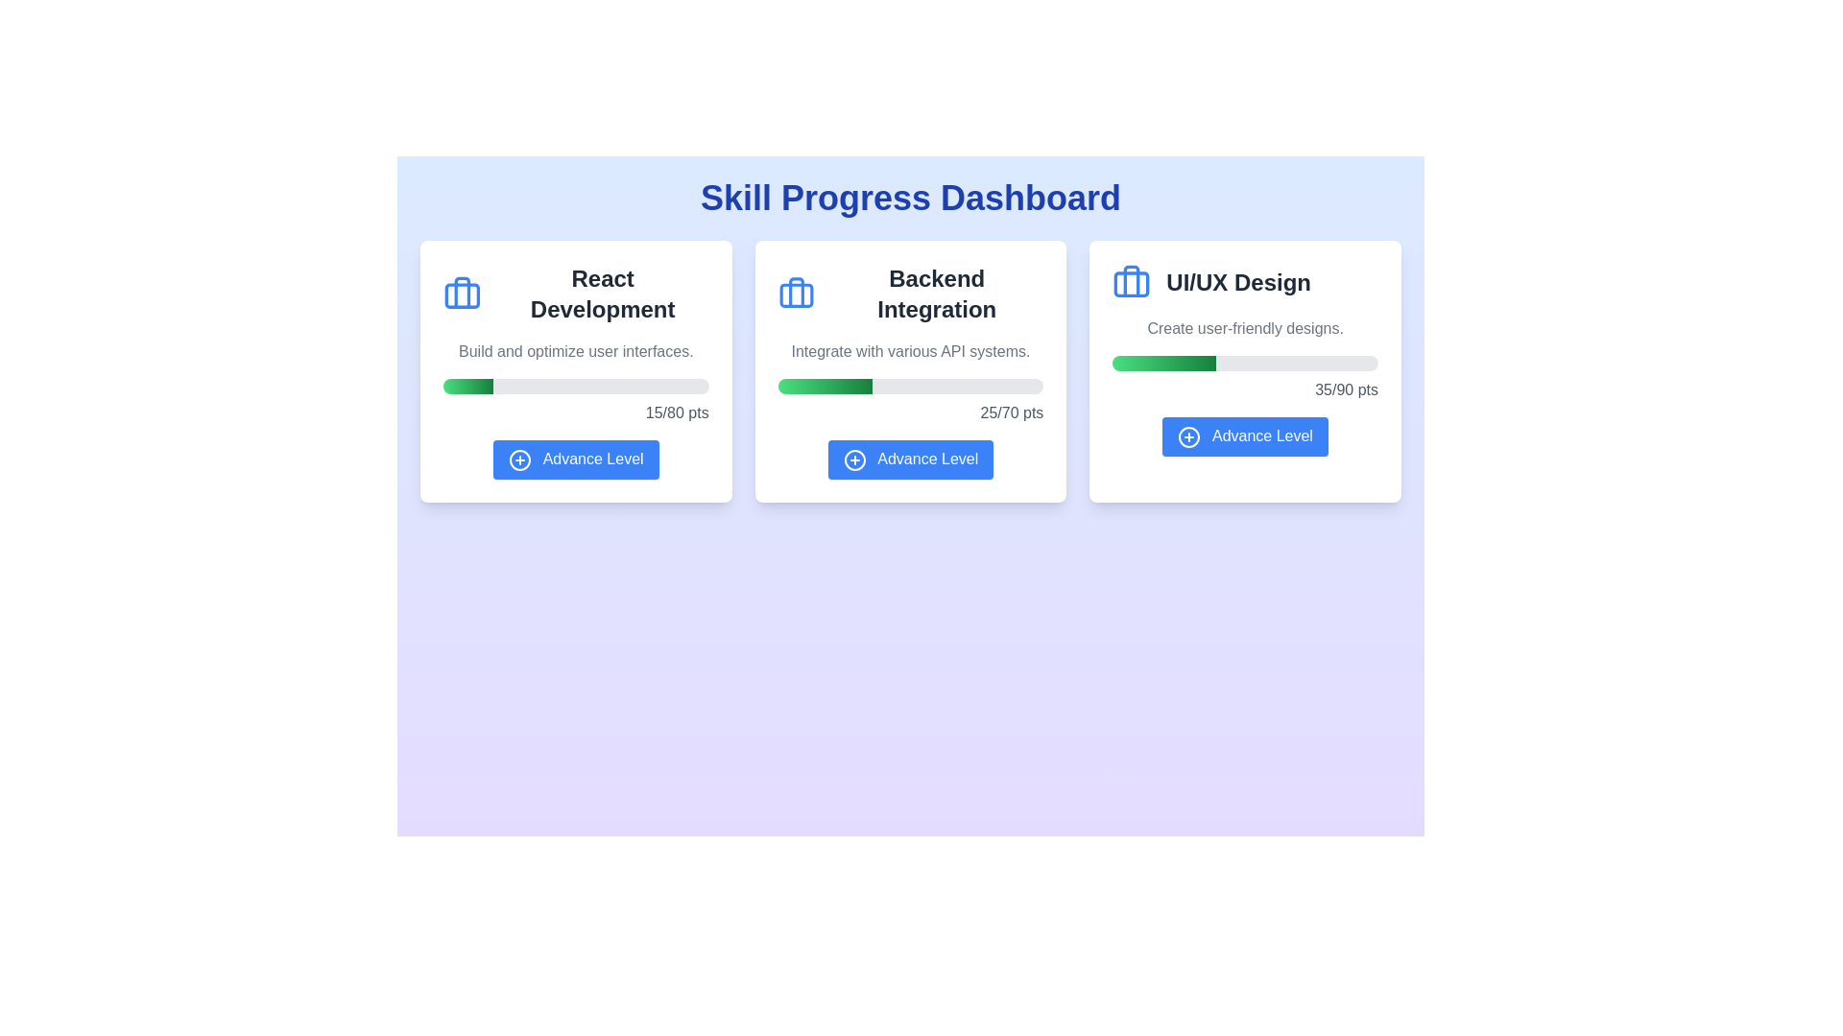 Image resolution: width=1843 pixels, height=1036 pixels. Describe the element at coordinates (825, 386) in the screenshot. I see `the progress indicator segment styled with a gradient color transitioning from light green to dark green, located in the center card titled 'Backend Integration.'` at that location.